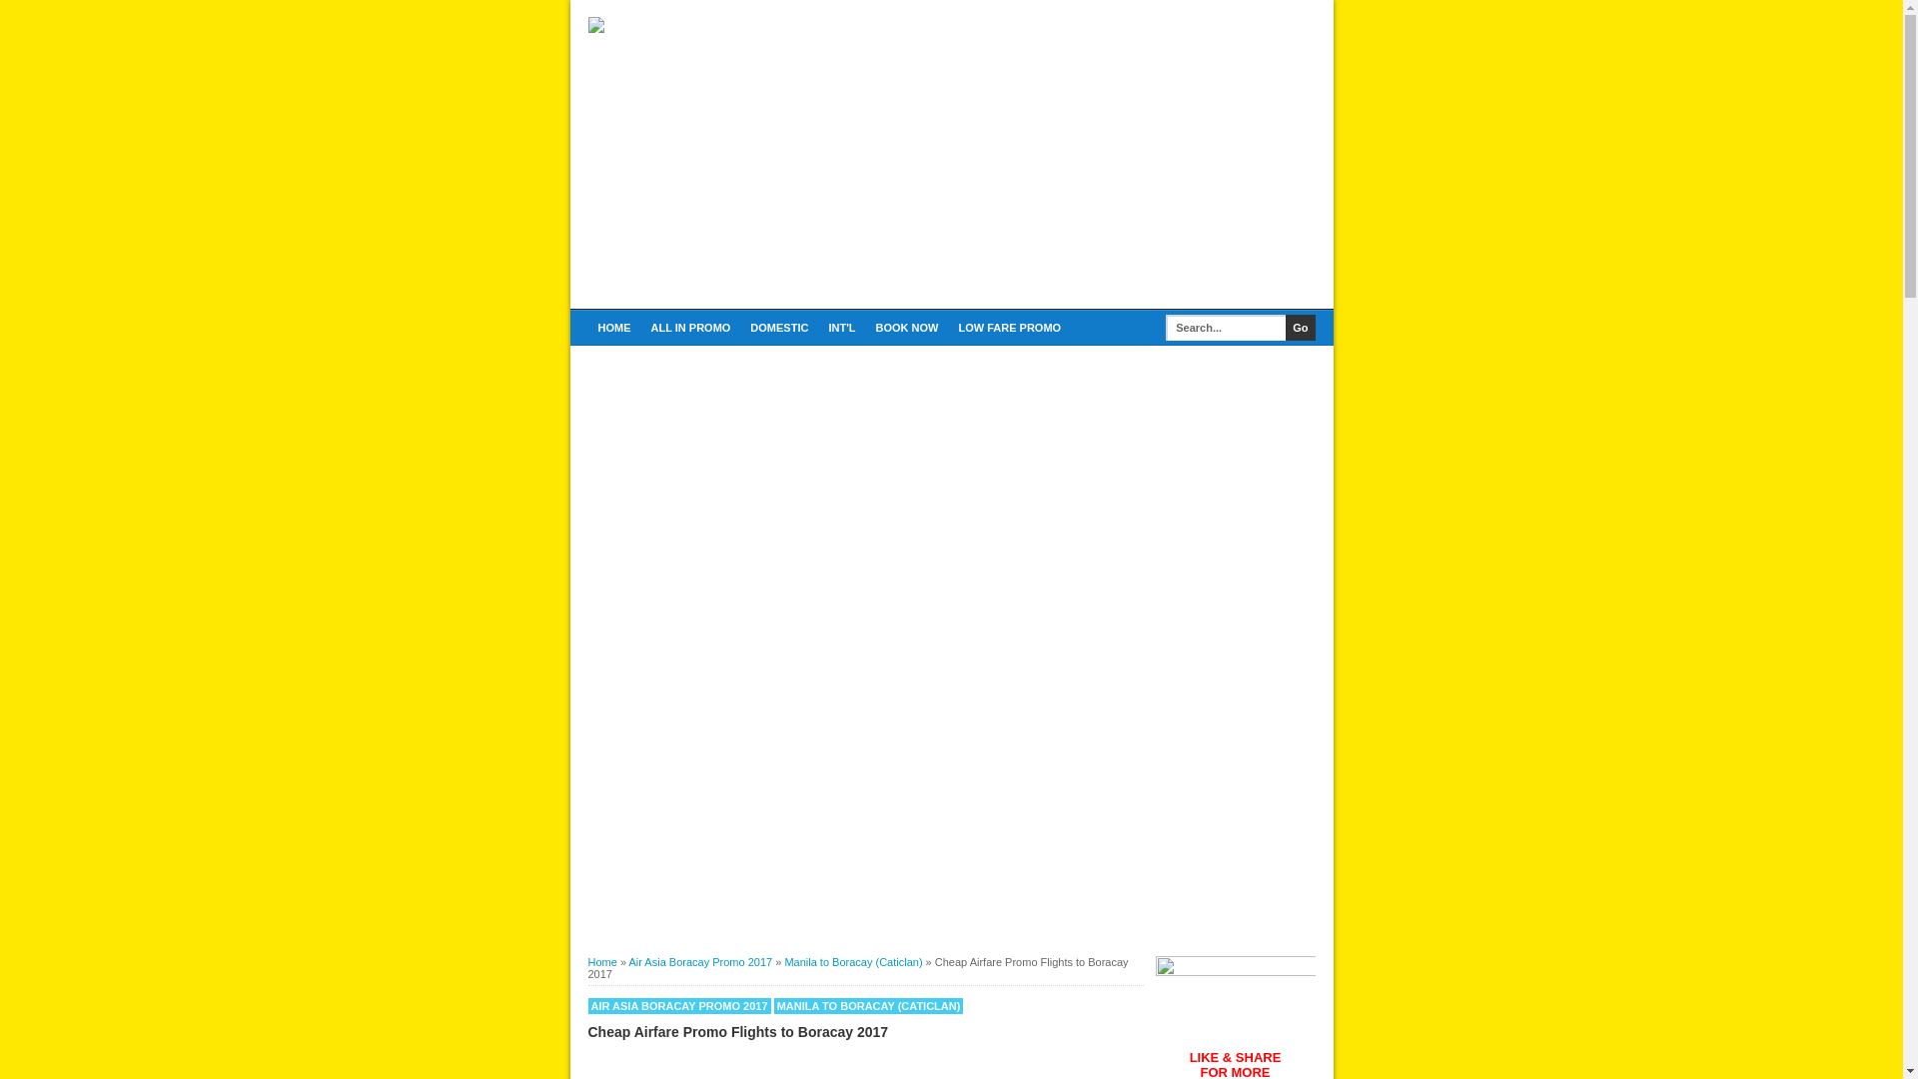 Image resolution: width=1918 pixels, height=1079 pixels. Describe the element at coordinates (949, 494) in the screenshot. I see `'Advertisement'` at that location.